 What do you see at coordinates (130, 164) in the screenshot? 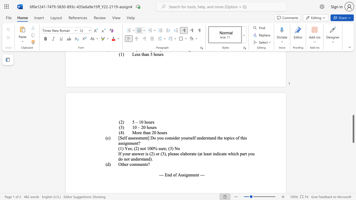
I see `the 1th character "c" in the text` at bounding box center [130, 164].